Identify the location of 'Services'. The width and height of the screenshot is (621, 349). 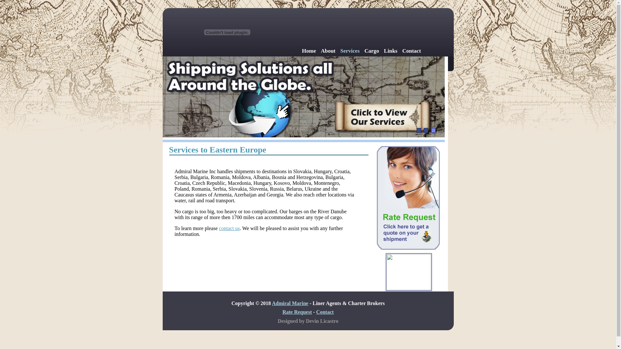
(349, 50).